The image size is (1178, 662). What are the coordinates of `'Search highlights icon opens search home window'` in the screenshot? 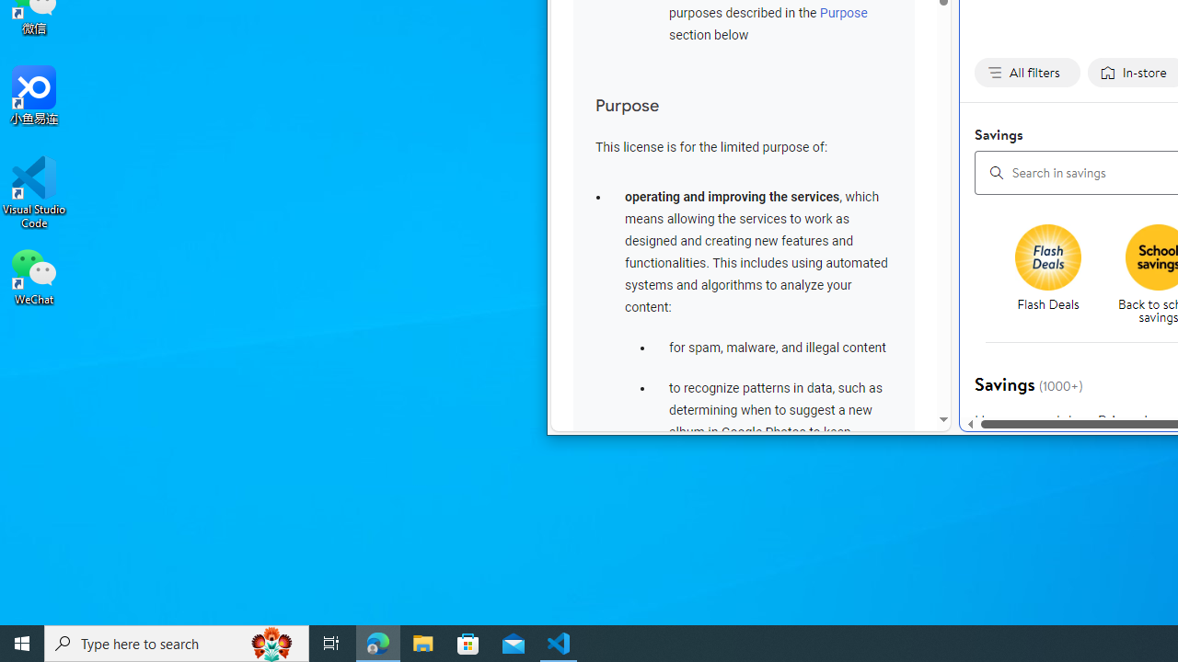 It's located at (271, 642).